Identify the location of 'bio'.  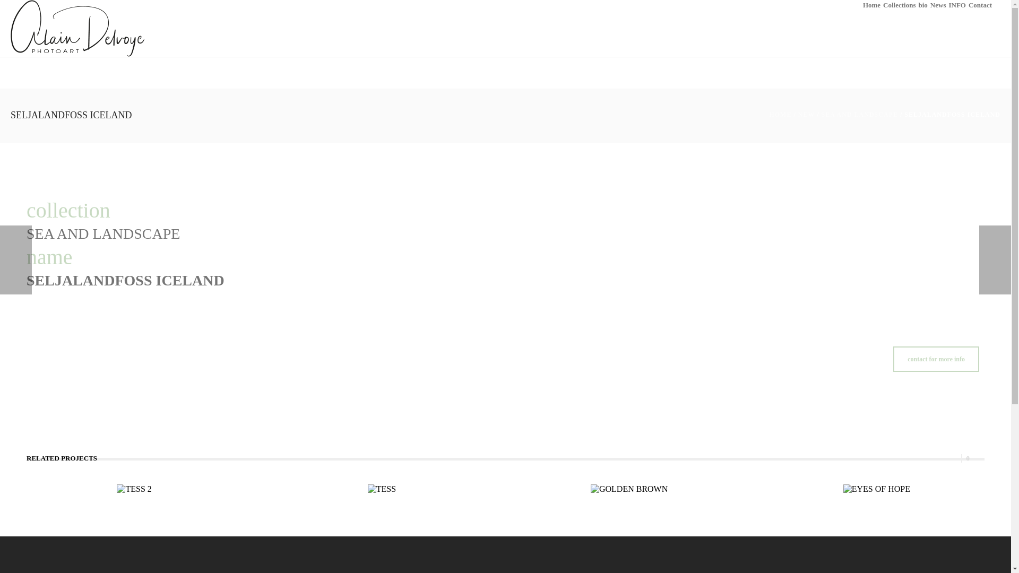
(917, 5).